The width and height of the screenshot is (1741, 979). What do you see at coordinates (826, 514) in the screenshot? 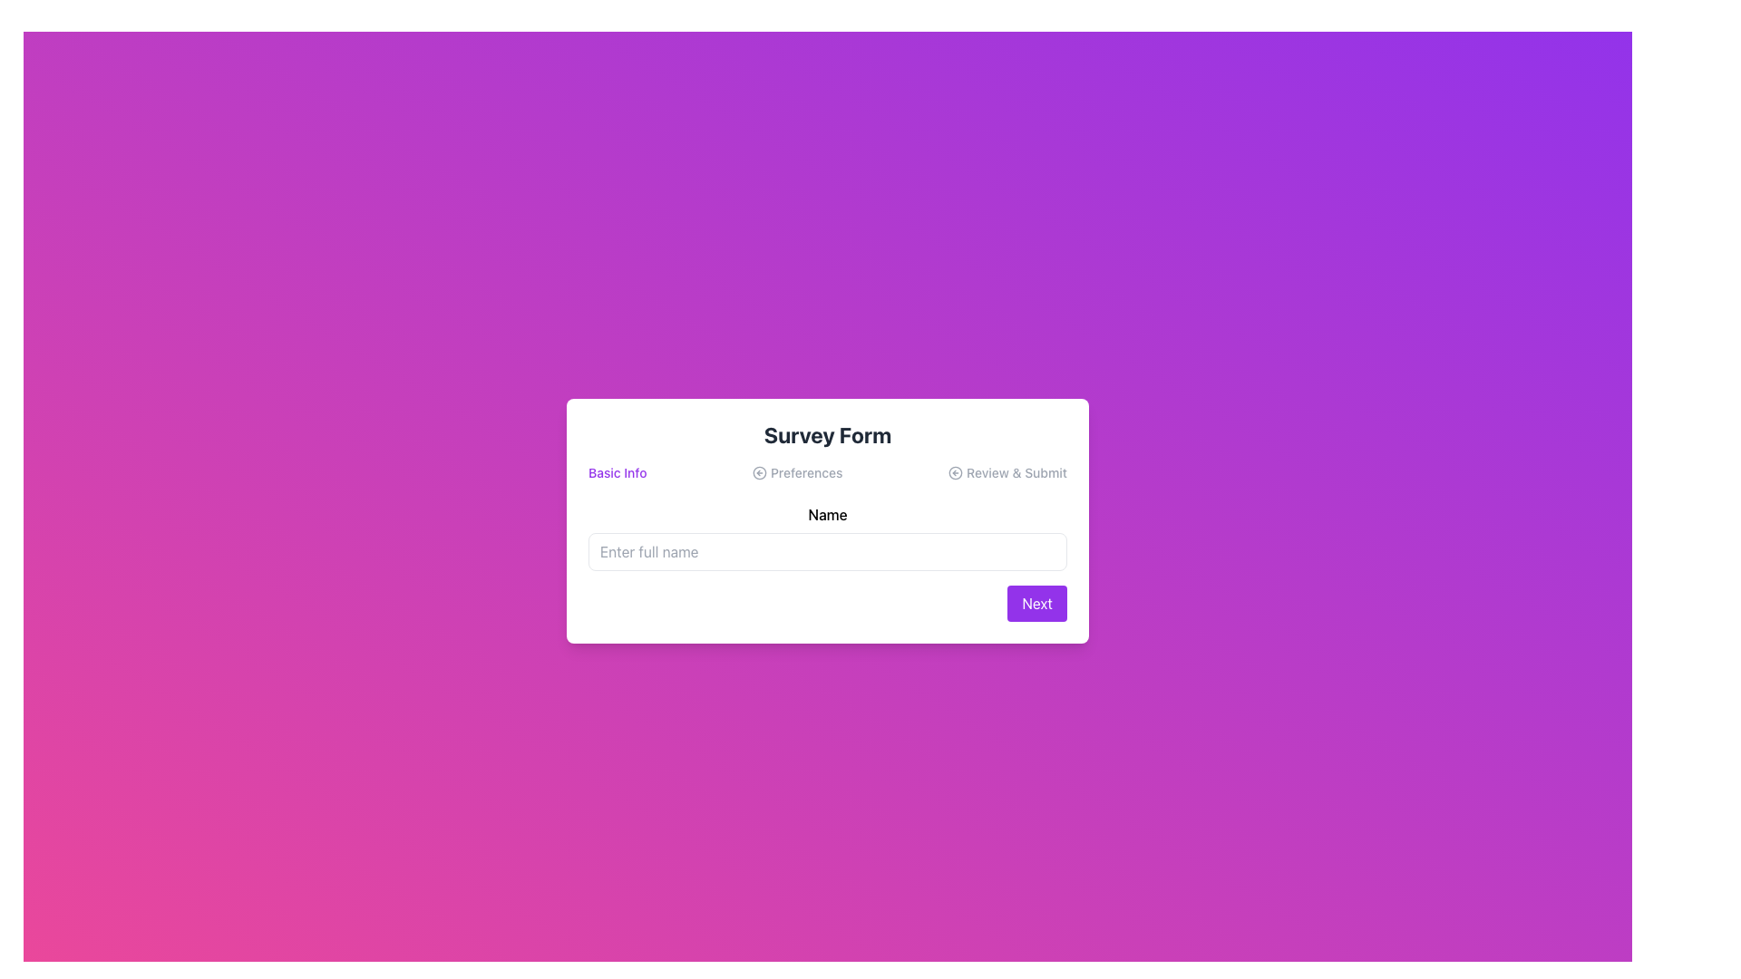
I see `the 'Name' text label, which is centrally aligned above the text input field in the card-like UI component` at bounding box center [826, 514].